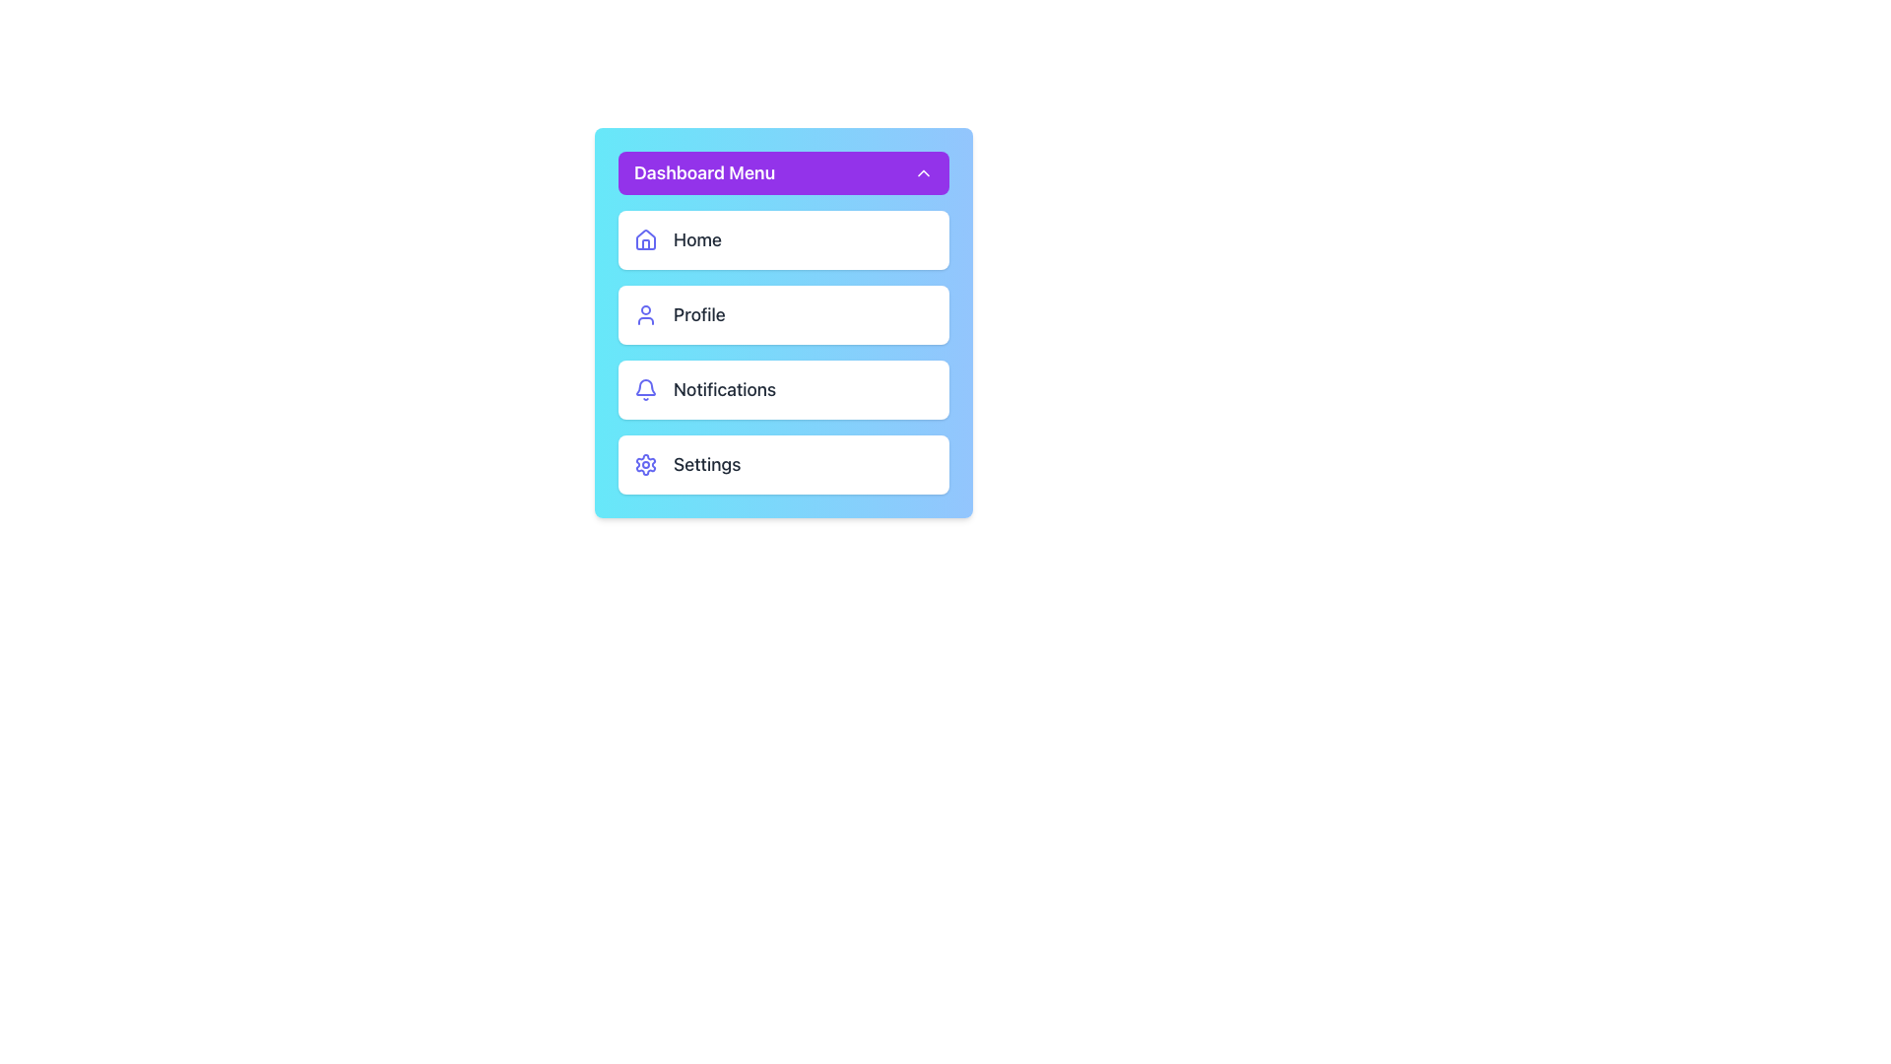  Describe the element at coordinates (783, 464) in the screenshot. I see `the fourth button in the 'Dashboard Menu'` at that location.